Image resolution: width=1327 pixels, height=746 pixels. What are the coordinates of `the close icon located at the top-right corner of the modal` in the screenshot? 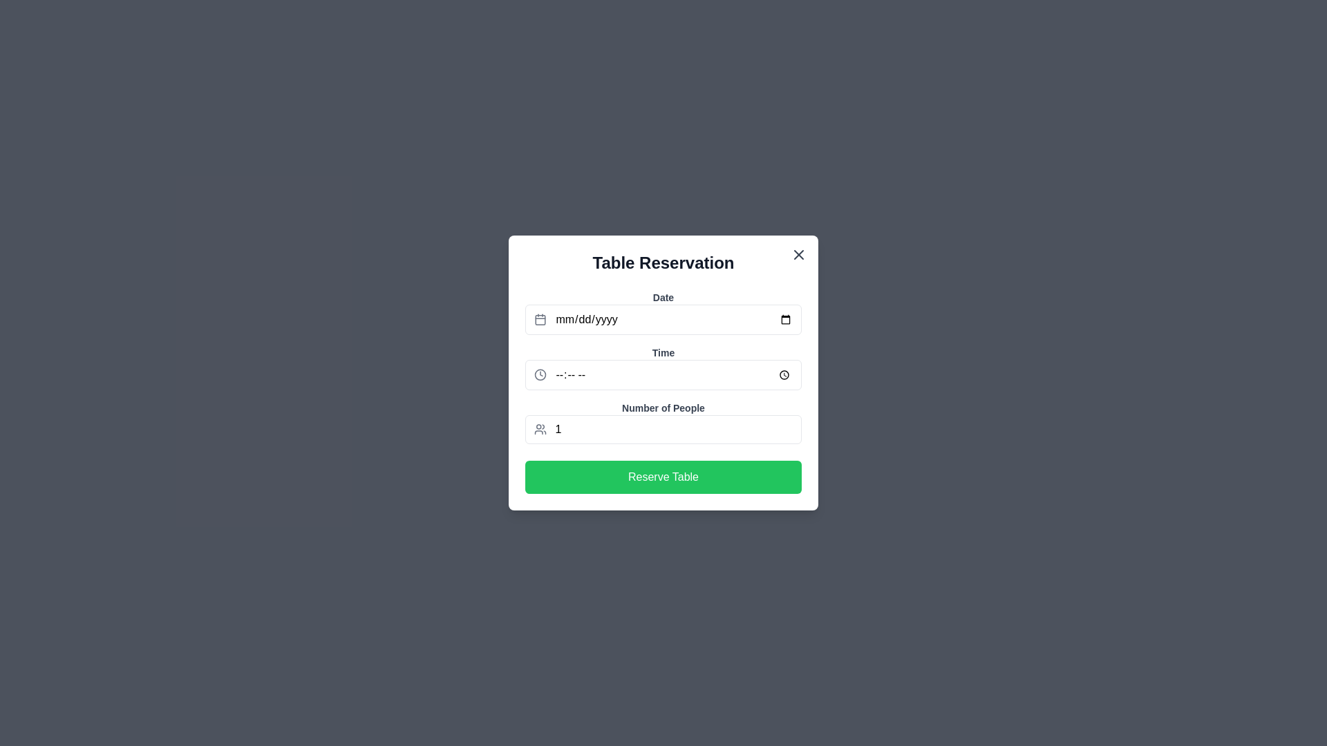 It's located at (799, 255).